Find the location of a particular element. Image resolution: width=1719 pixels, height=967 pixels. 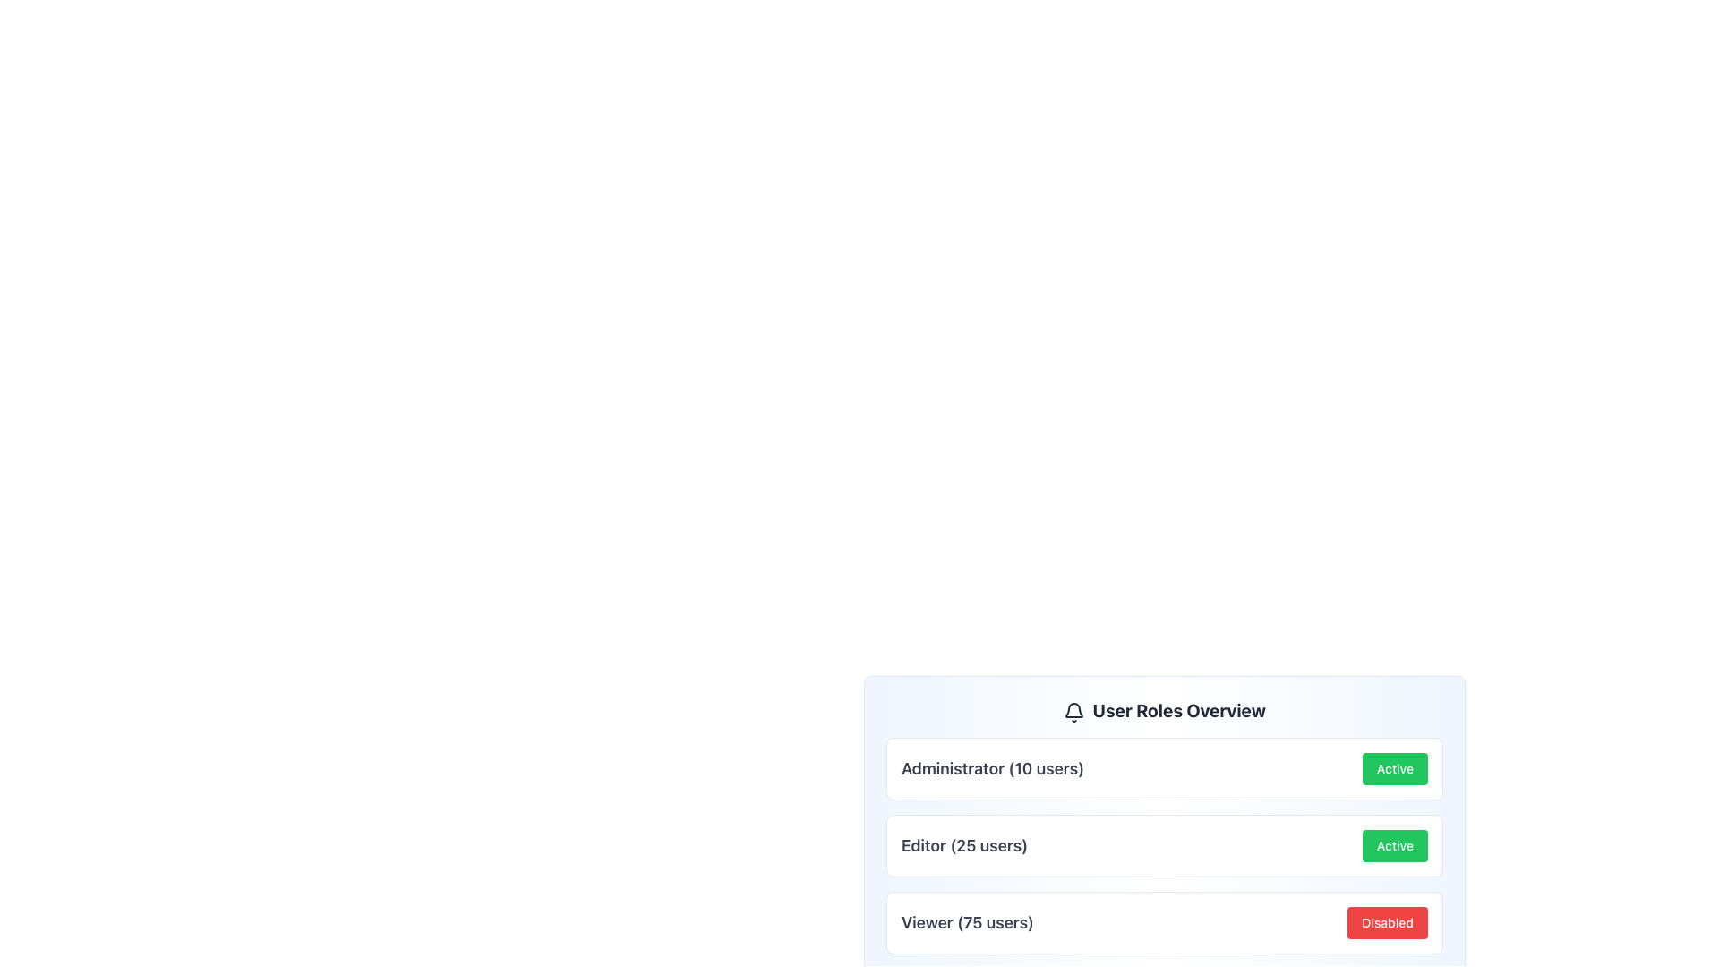

text label indicating the user role ('Viewer') and the number of users assigned to this role (75), which is located in the bottom row of the 'User Roles Overview' section, to the left of the 'Disabled' status label is located at coordinates (966, 922).